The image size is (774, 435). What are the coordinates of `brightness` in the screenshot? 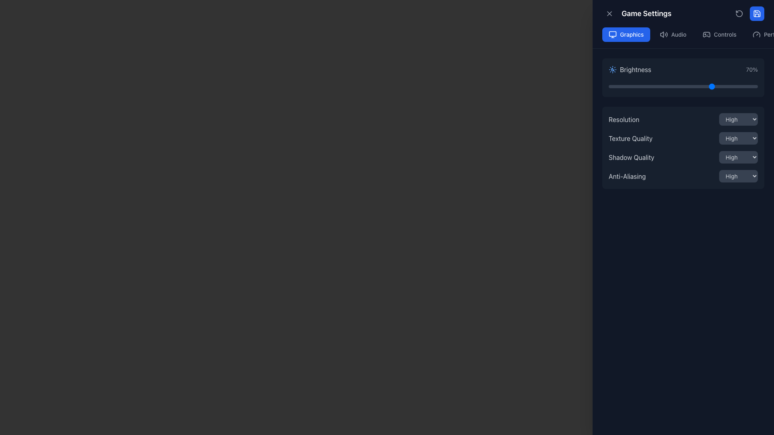 It's located at (614, 87).